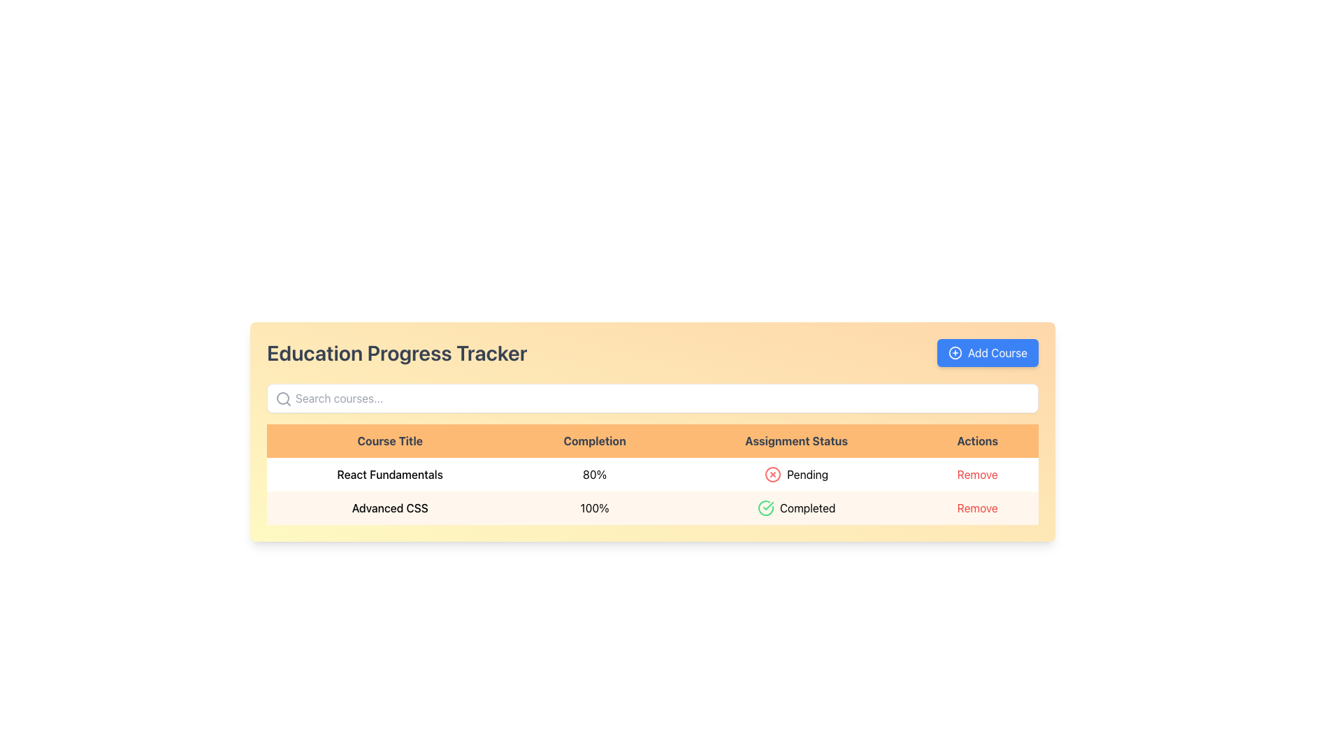  I want to click on the static text label "React Fundamentals" that is aligned to the left within its cell in the table, which is the first column of the row titled "Course Title.", so click(390, 473).